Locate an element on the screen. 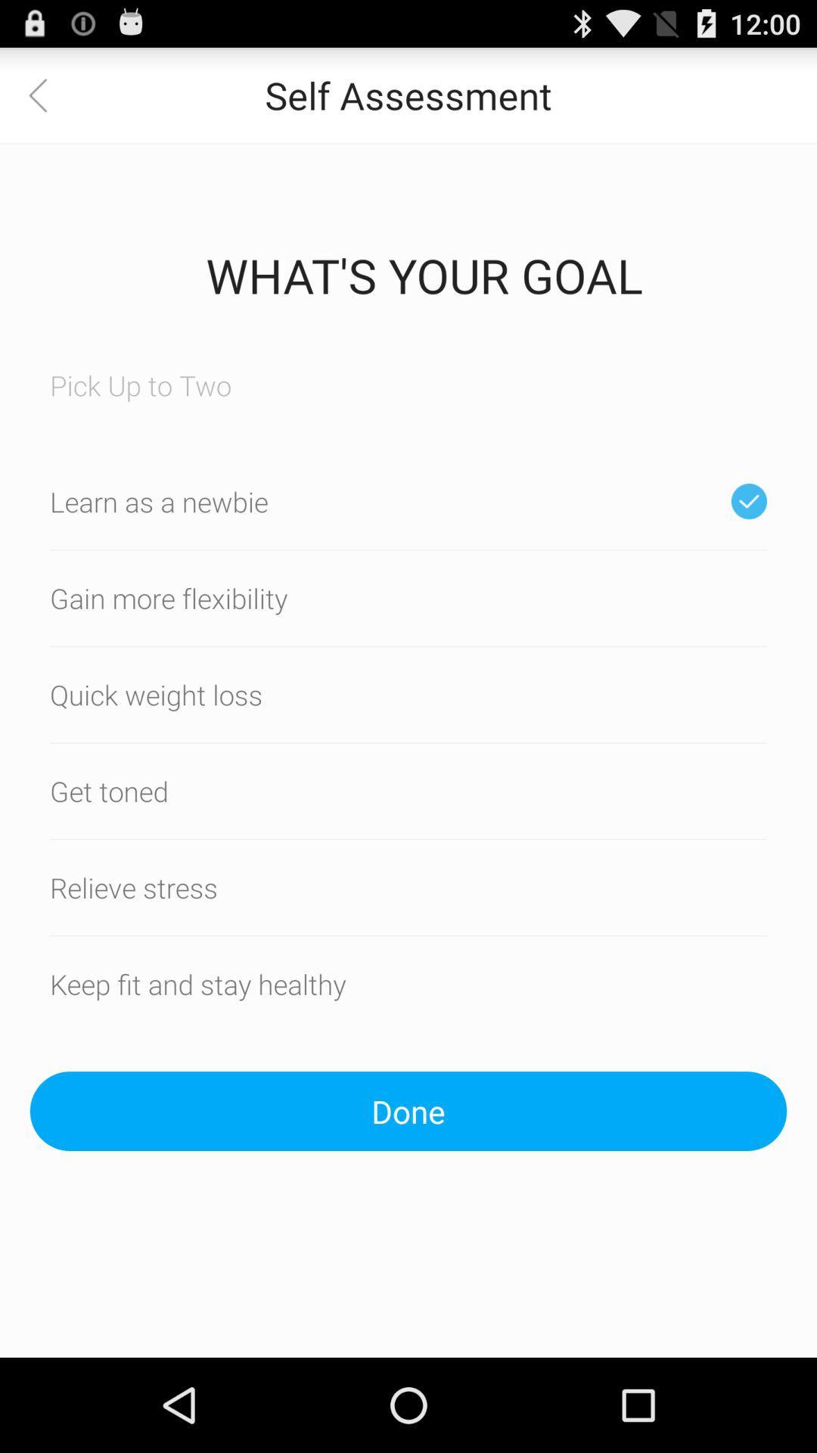 The width and height of the screenshot is (817, 1453). the arrow_backward icon is located at coordinates (46, 101).